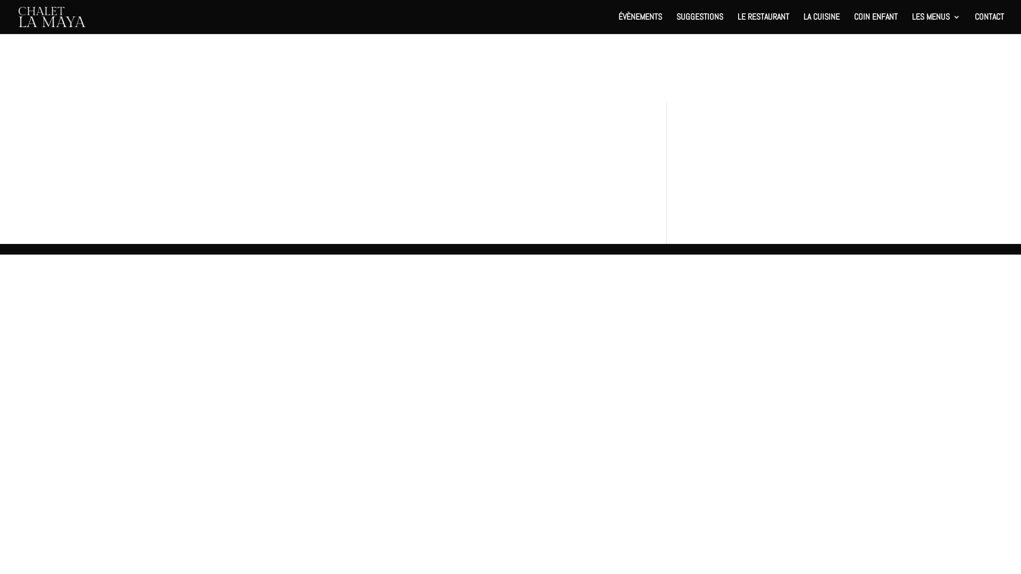  Describe the element at coordinates (975, 23) in the screenshot. I see `'CONTACT'` at that location.